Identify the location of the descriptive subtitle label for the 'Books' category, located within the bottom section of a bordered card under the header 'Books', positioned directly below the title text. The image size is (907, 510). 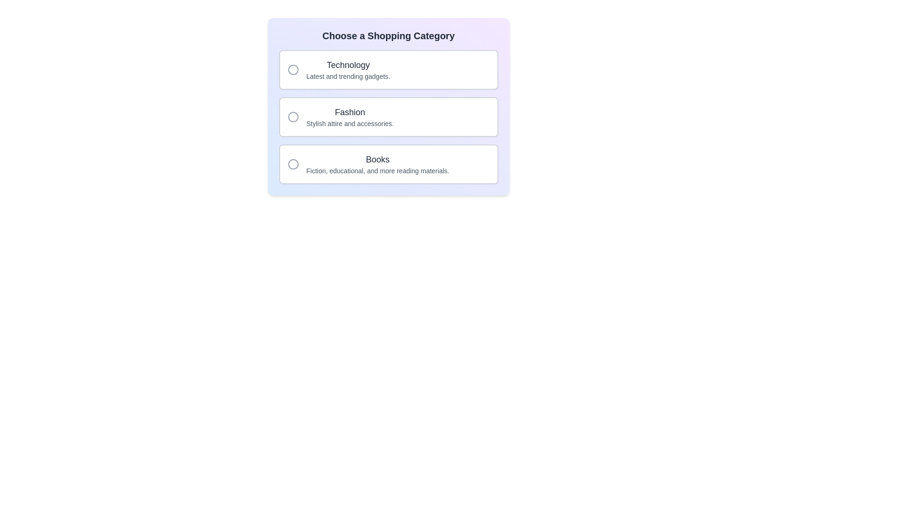
(377, 171).